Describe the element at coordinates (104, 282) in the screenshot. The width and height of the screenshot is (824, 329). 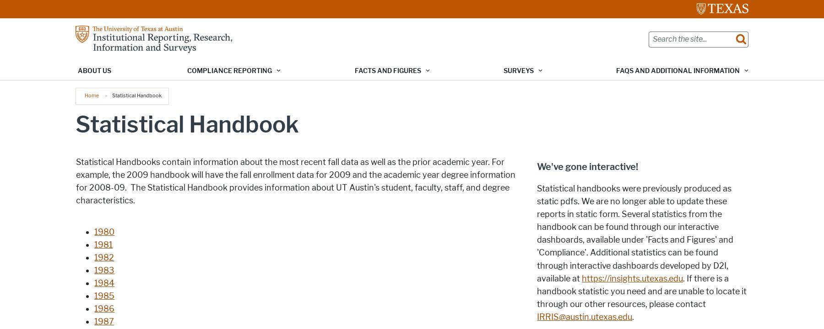
I see `'1984'` at that location.